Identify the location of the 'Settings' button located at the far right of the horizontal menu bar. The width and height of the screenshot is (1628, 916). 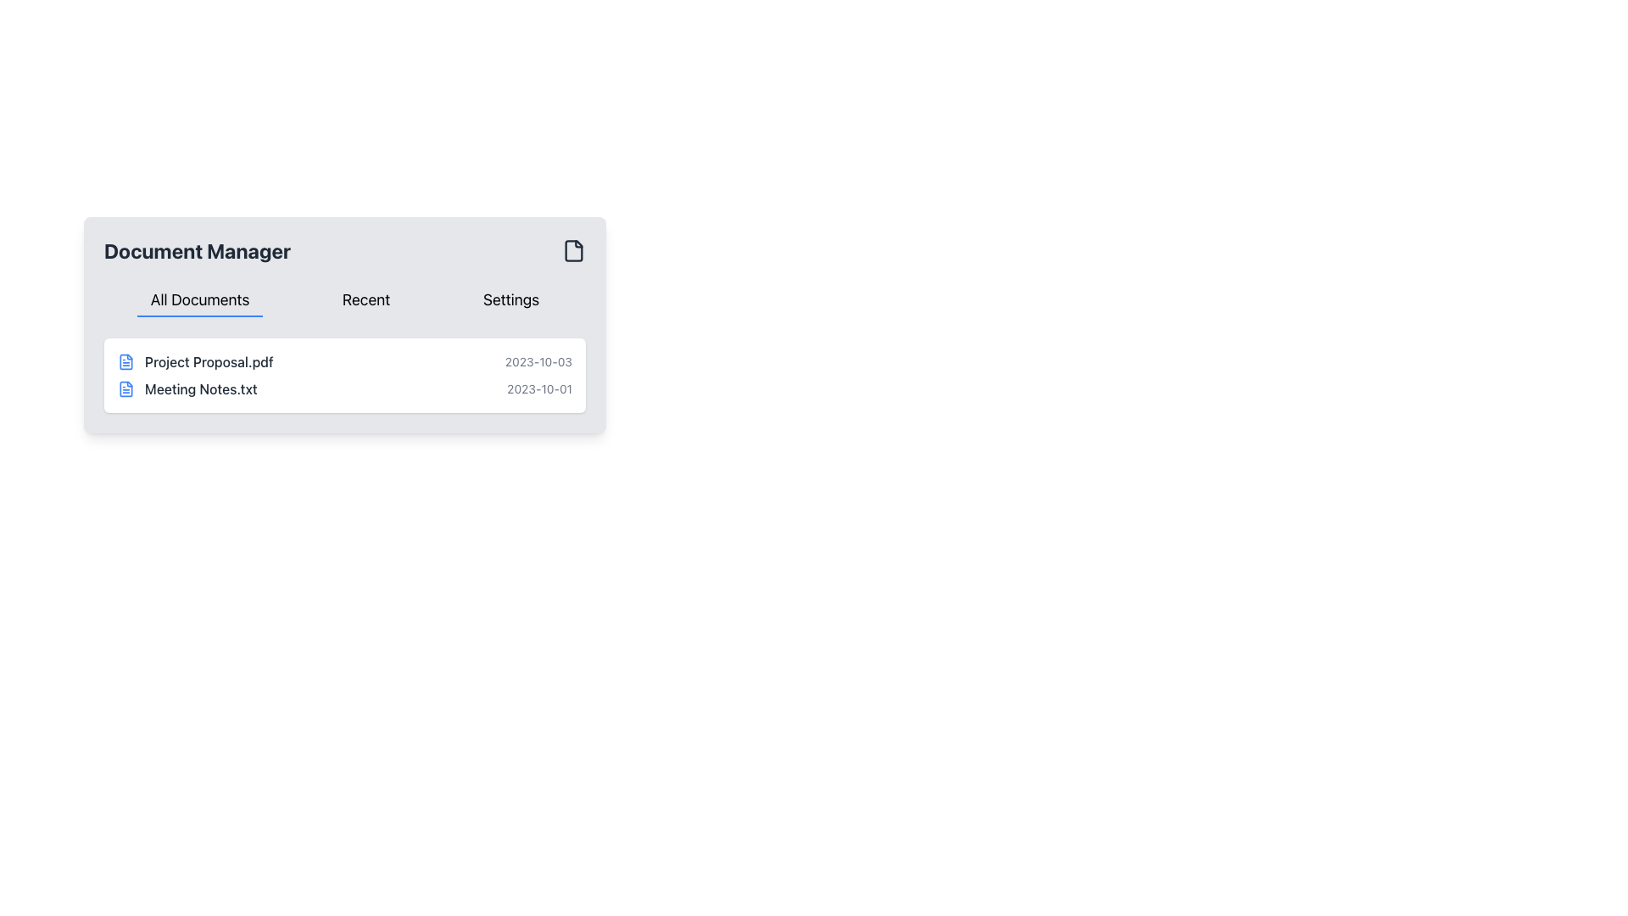
(510, 299).